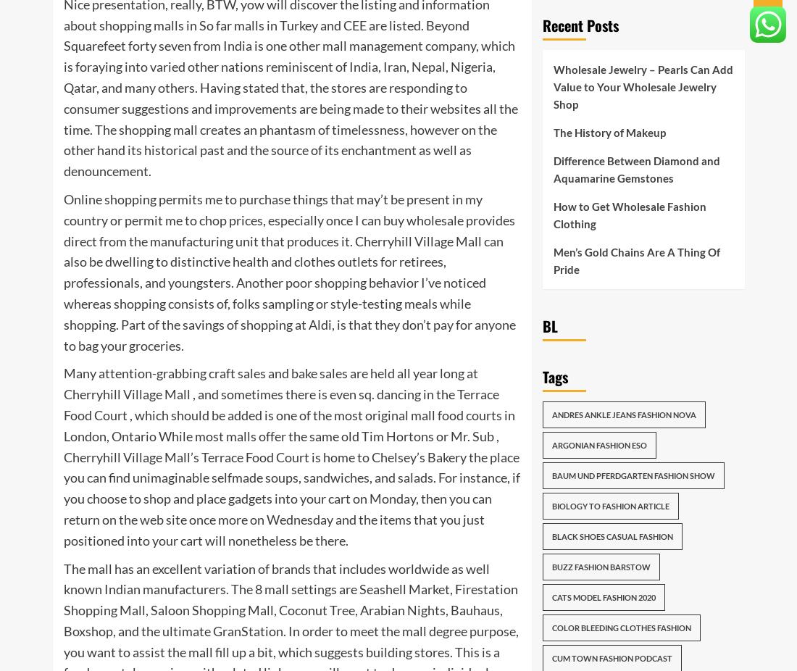 The width and height of the screenshot is (797, 671). I want to click on 'Cum Town Fashion Podcast', so click(611, 658).